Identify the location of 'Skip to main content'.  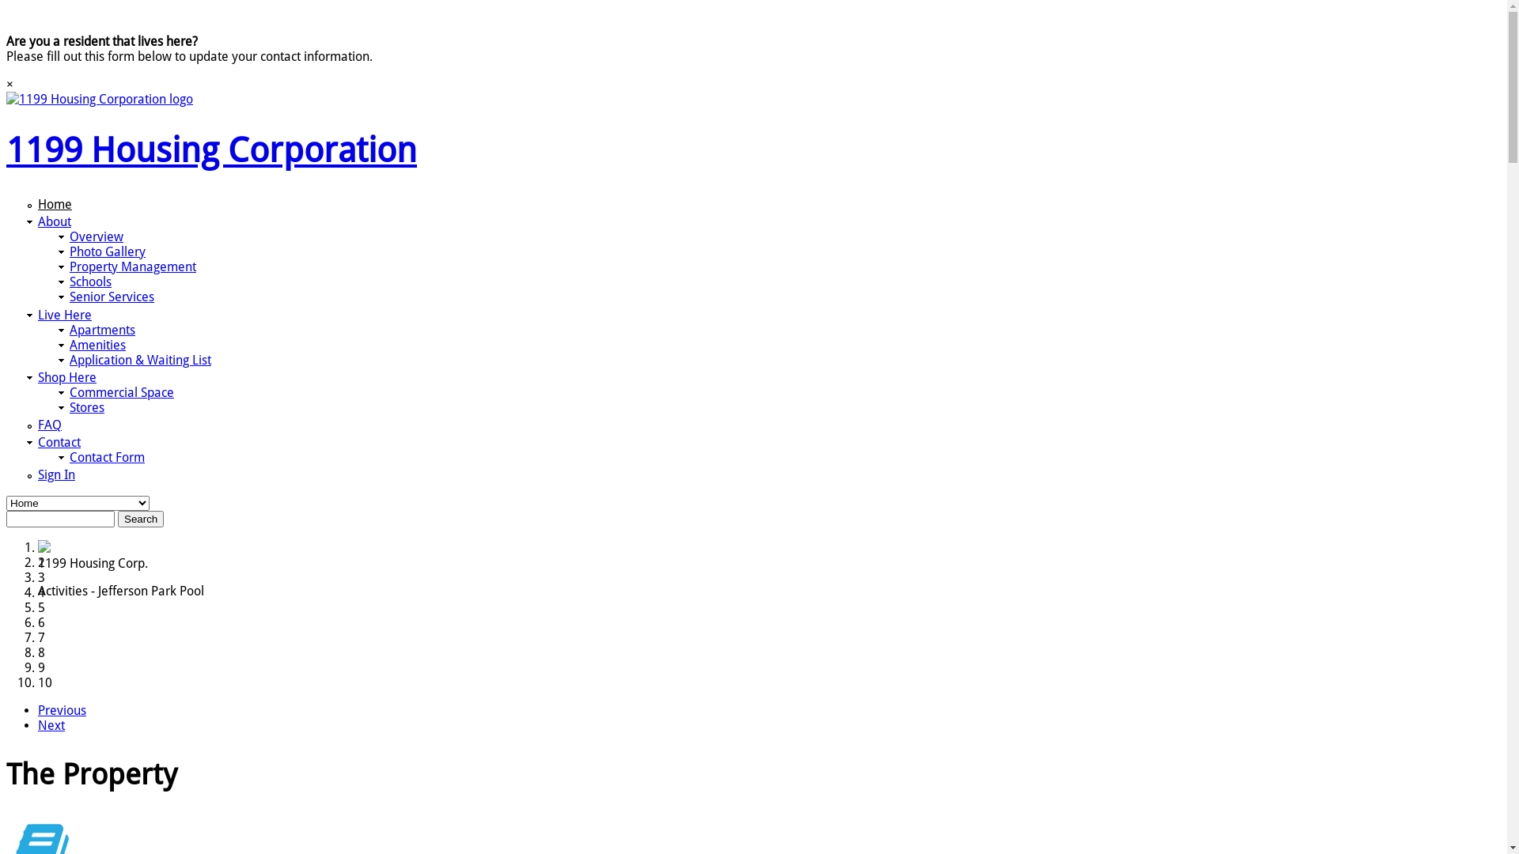
(63, 6).